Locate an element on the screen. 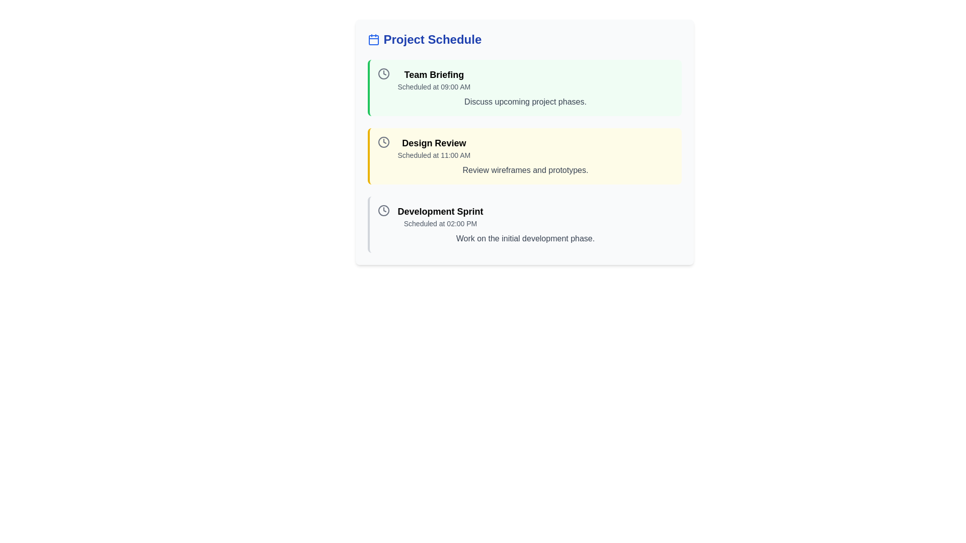  the clock icon located in the 'Design Review' section is located at coordinates (383, 142).